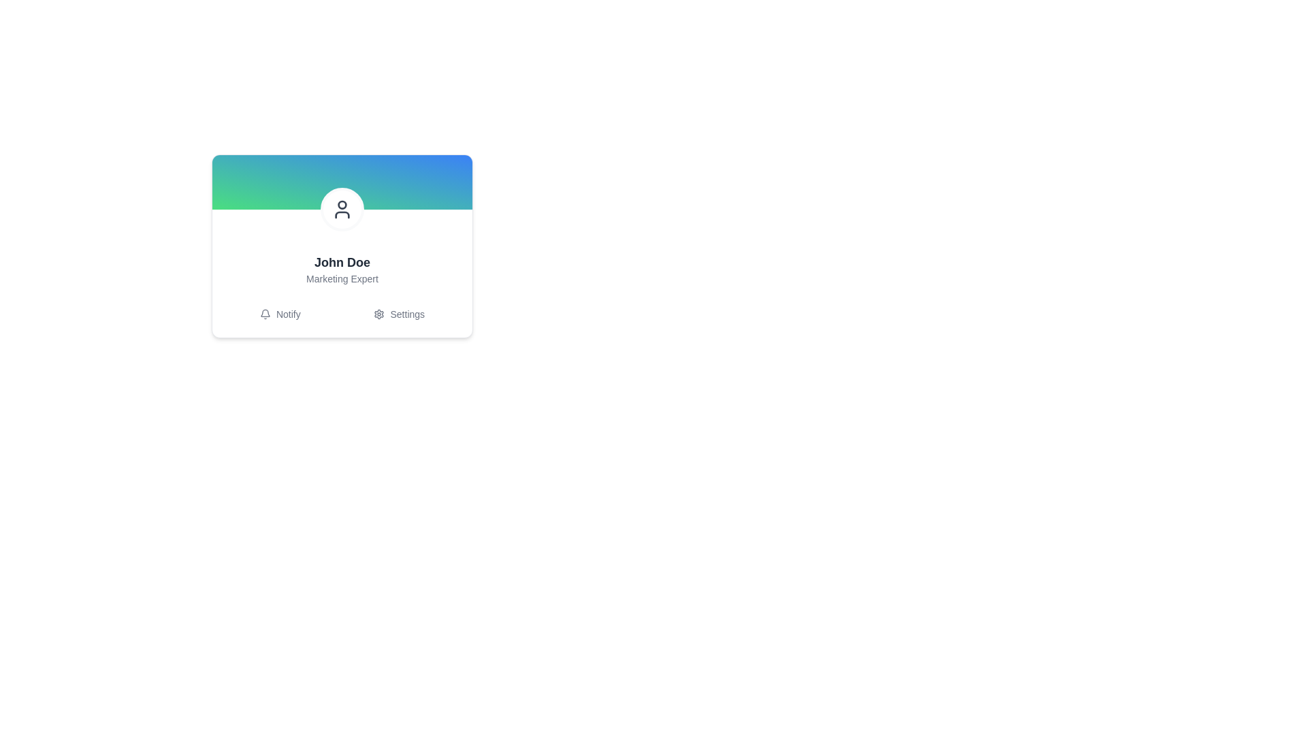 The width and height of the screenshot is (1307, 735). What do you see at coordinates (279, 314) in the screenshot?
I see `the 'Notify' button` at bounding box center [279, 314].